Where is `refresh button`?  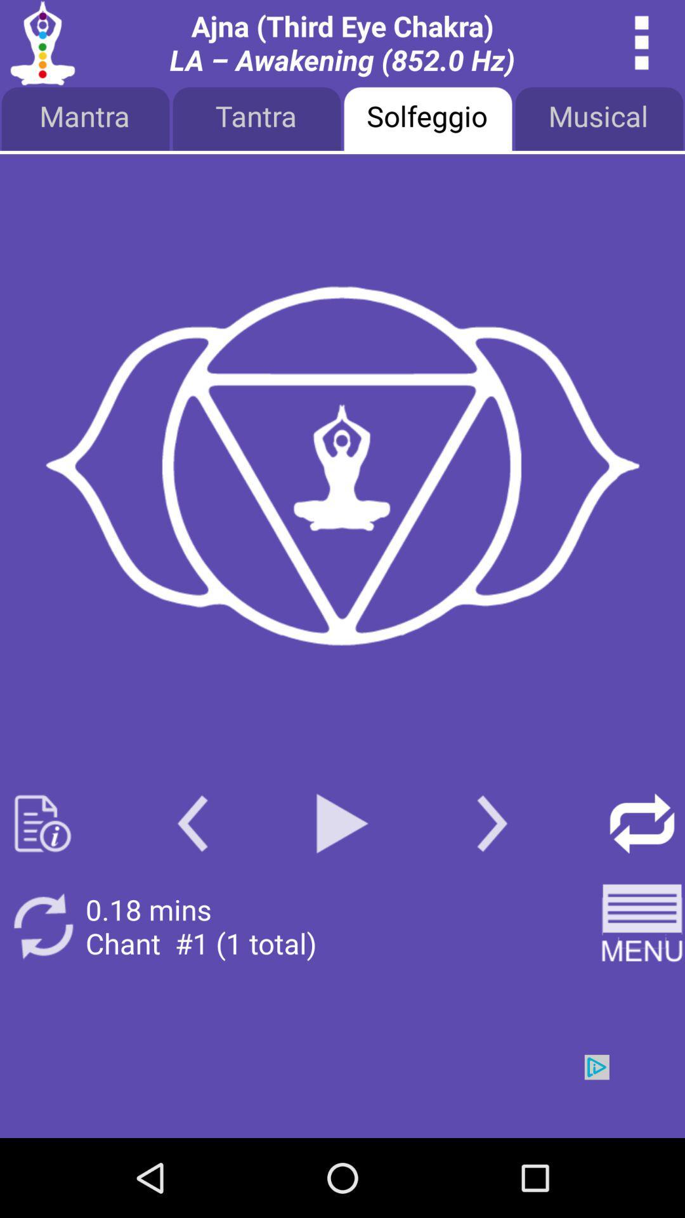
refresh button is located at coordinates (42, 926).